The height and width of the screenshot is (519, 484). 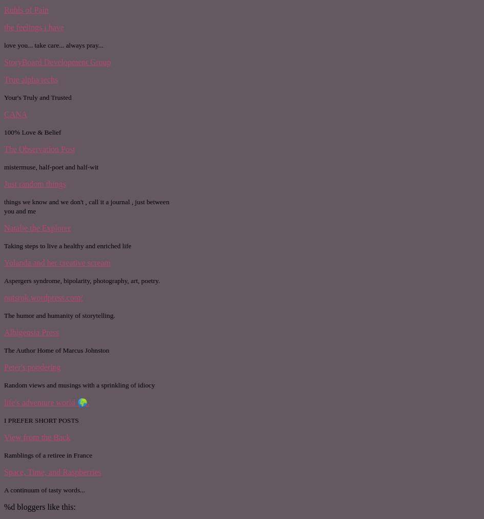 I want to click on 'Just random things', so click(x=4, y=183).